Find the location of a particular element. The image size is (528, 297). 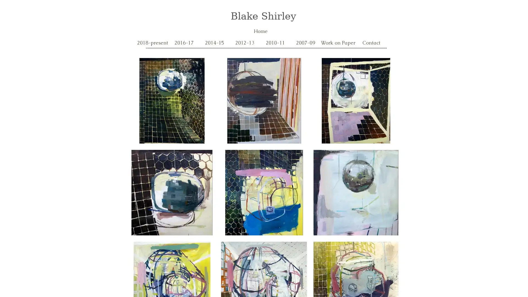

4.jpg is located at coordinates (264, 101).